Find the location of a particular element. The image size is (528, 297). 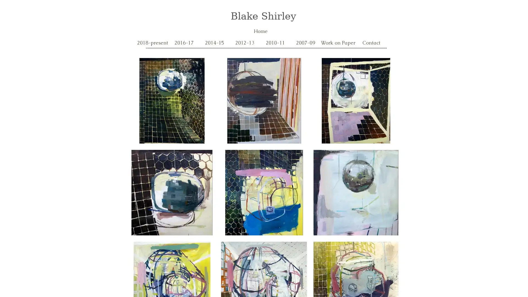

4.jpg is located at coordinates (264, 101).